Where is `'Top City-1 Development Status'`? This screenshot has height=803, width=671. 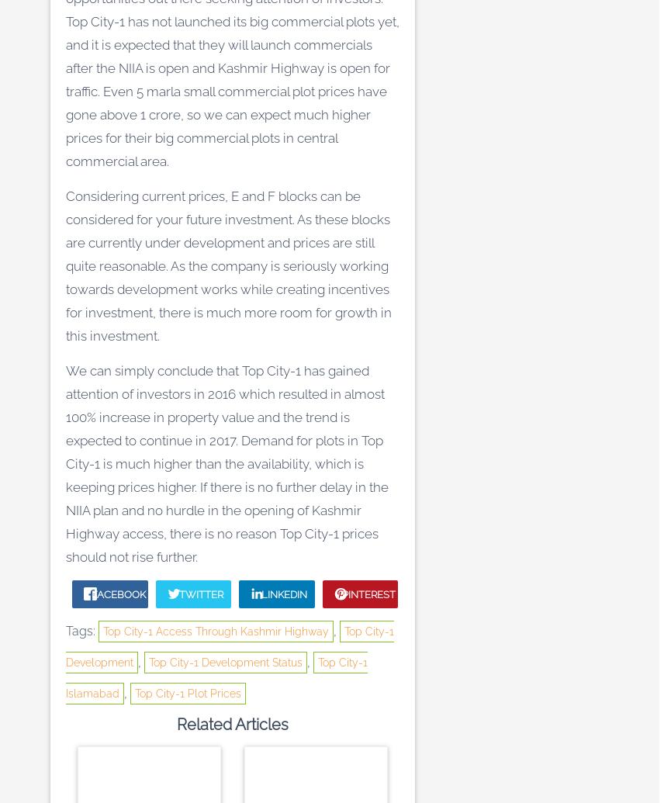 'Top City-1 Development Status' is located at coordinates (225, 661).